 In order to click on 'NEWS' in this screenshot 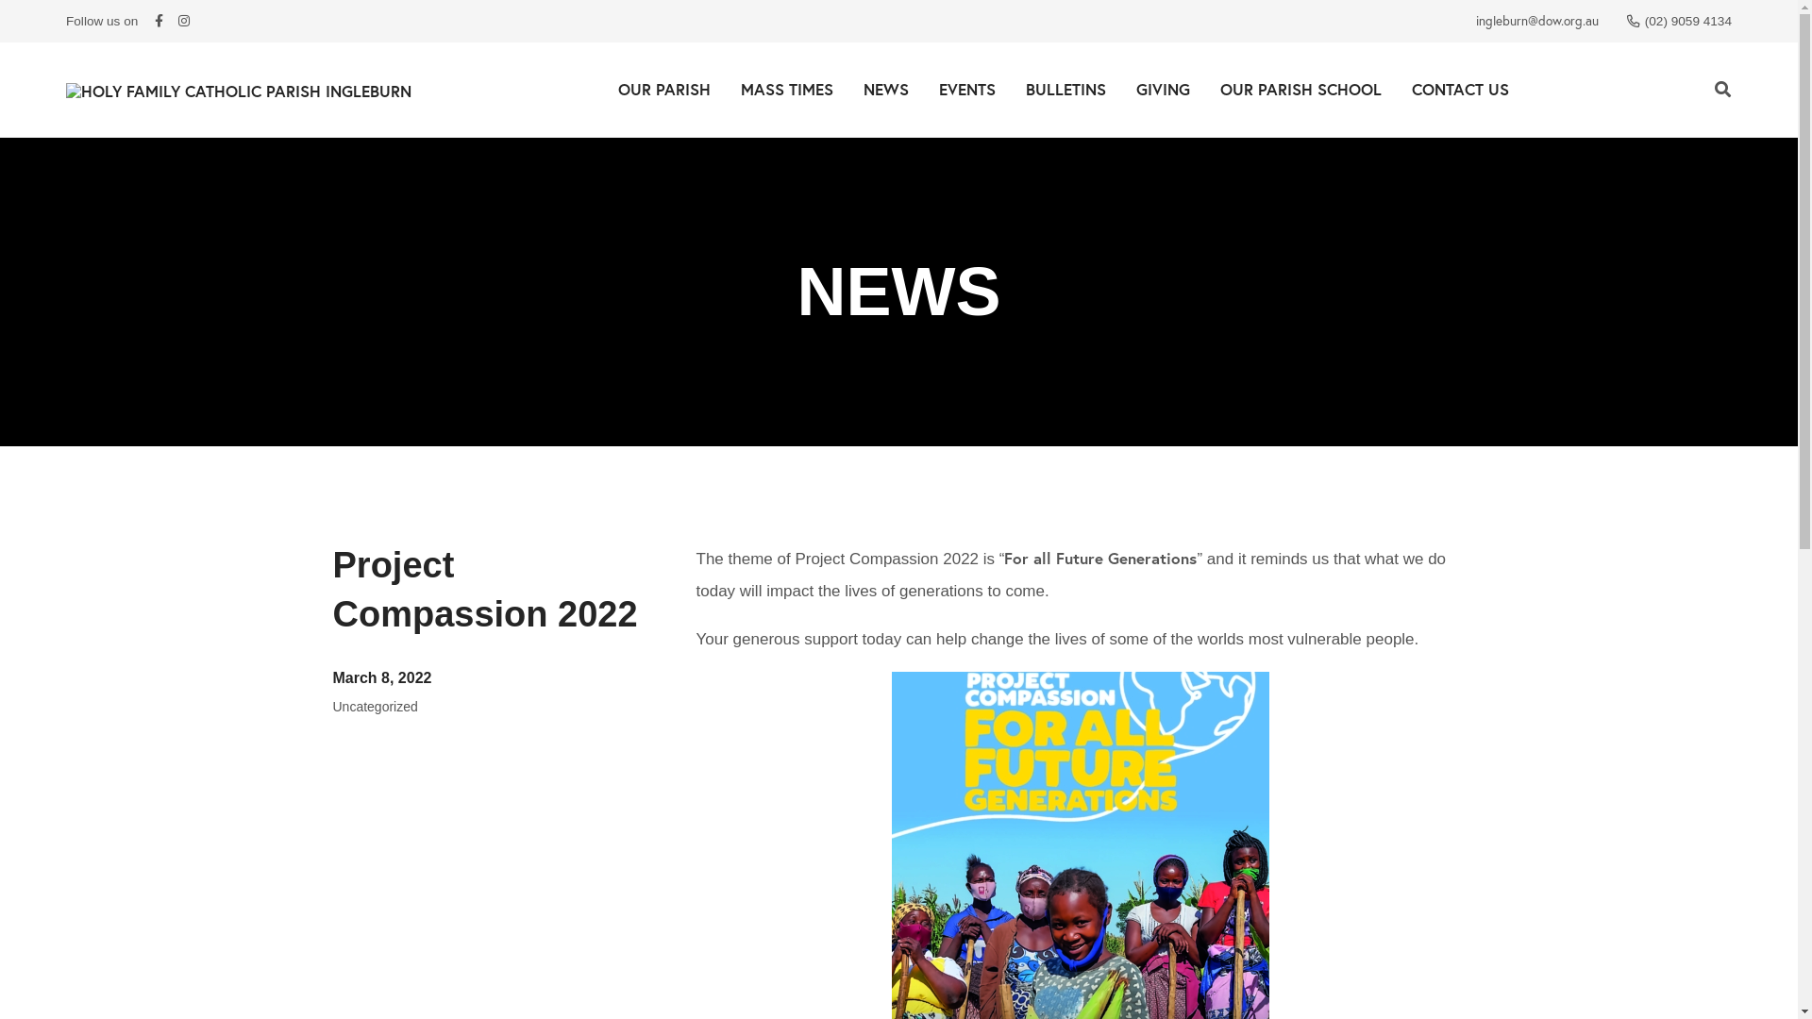, I will do `click(883, 89)`.